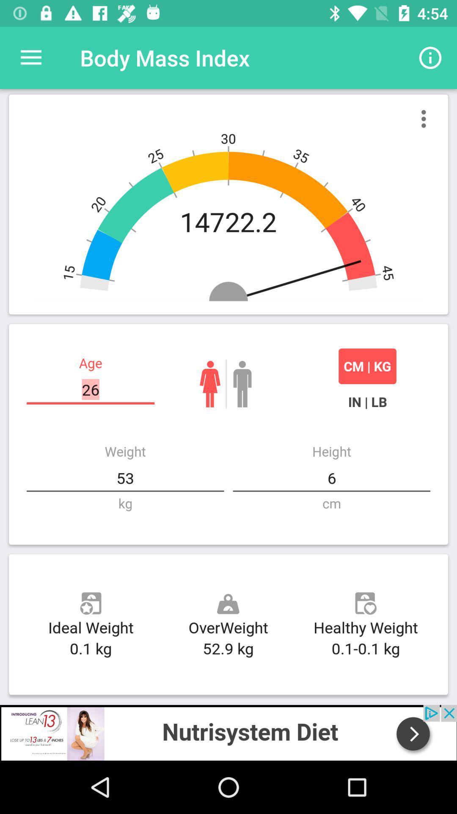  What do you see at coordinates (228, 732) in the screenshot?
I see `open advertisement` at bounding box center [228, 732].